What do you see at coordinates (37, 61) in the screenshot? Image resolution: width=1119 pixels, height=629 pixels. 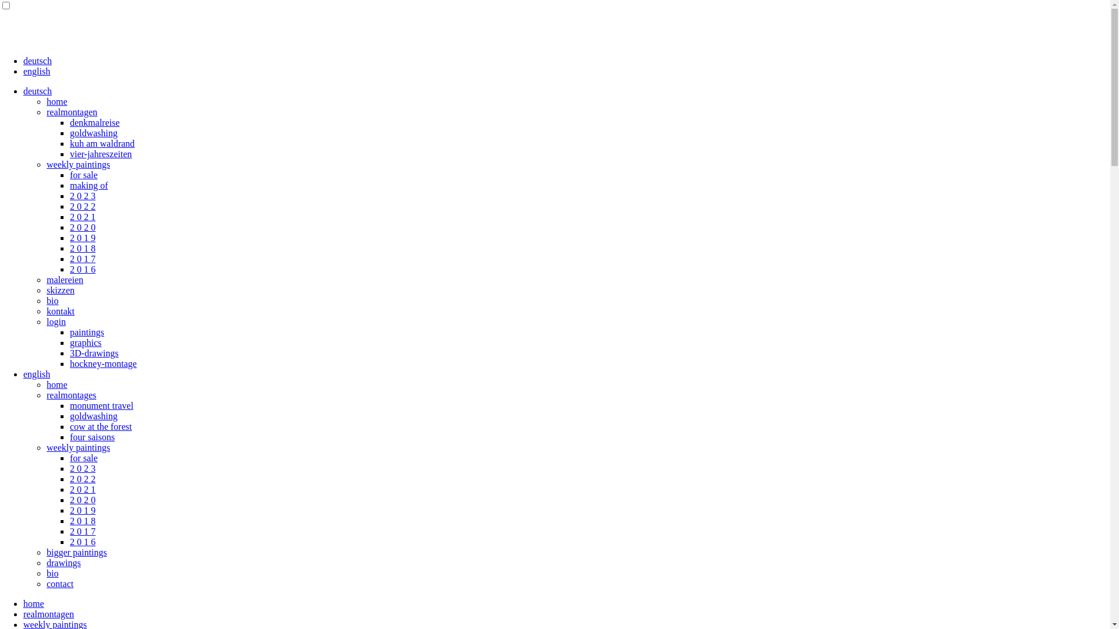 I see `'deutsch'` at bounding box center [37, 61].